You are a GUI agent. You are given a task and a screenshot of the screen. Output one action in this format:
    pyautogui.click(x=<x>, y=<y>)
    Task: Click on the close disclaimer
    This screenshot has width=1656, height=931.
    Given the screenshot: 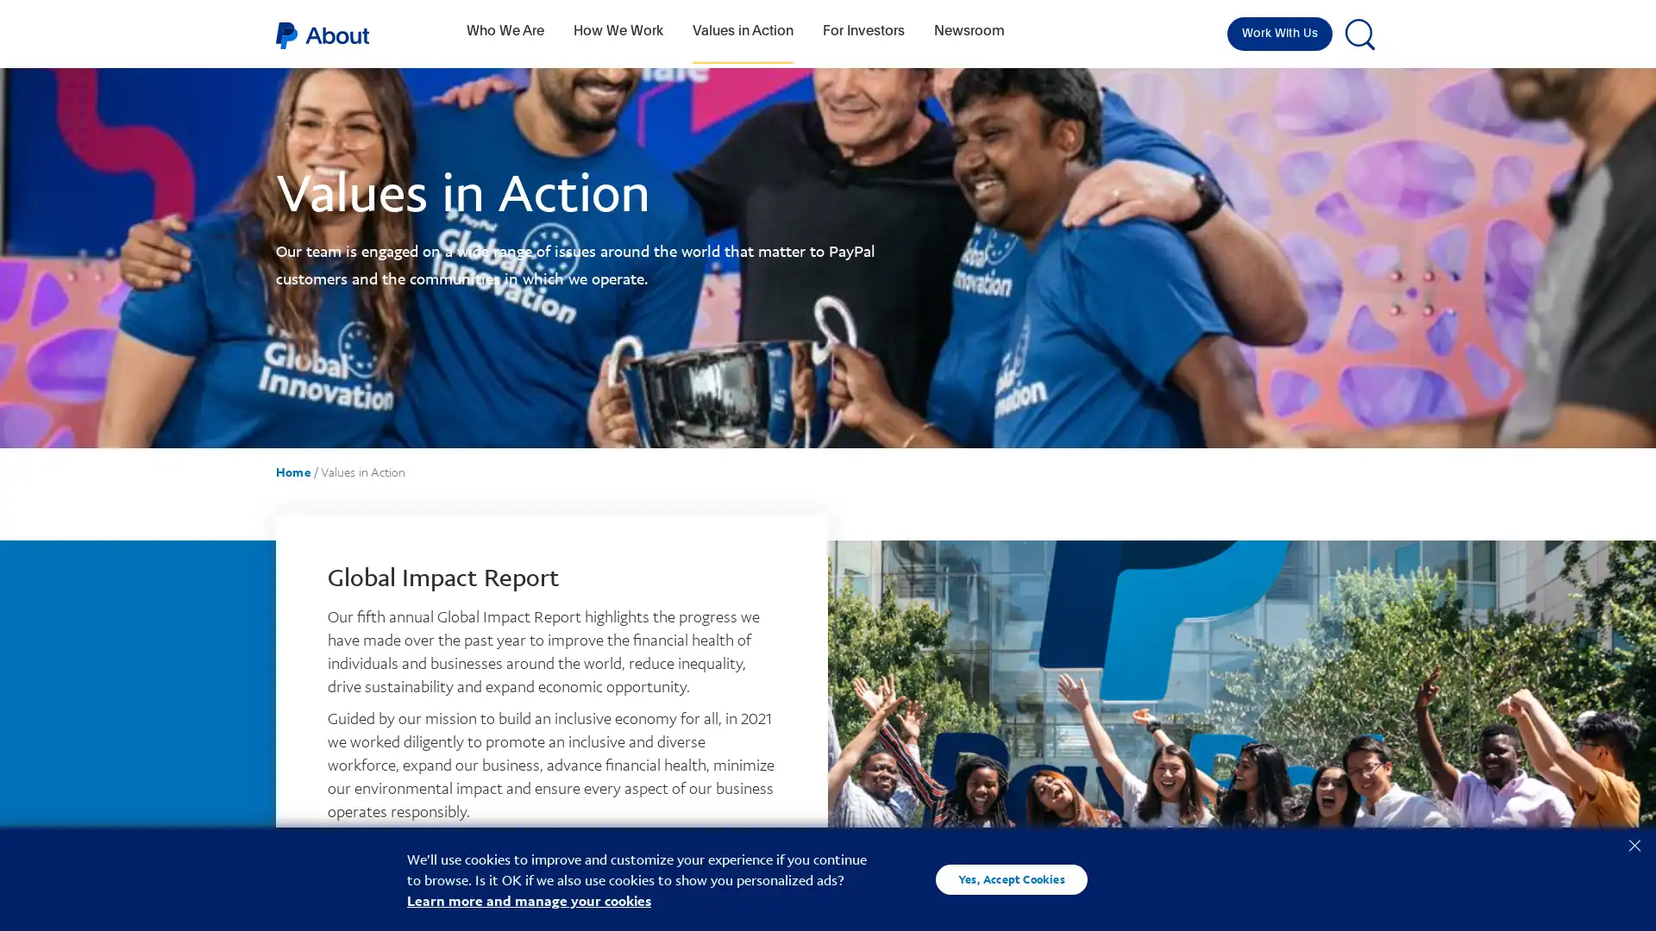 What is the action you would take?
    pyautogui.click(x=1634, y=843)
    